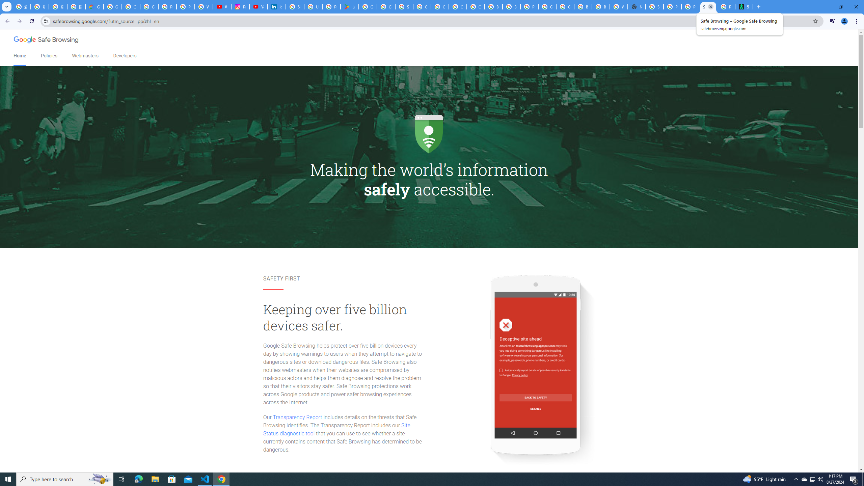 The height and width of the screenshot is (486, 864). Describe the element at coordinates (48, 56) in the screenshot. I see `'Policies'` at that location.